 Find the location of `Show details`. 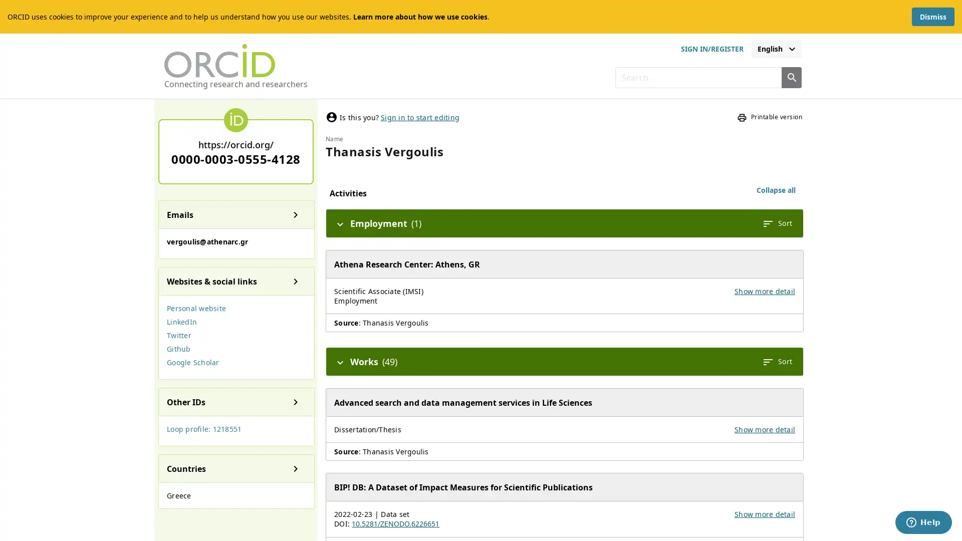

Show details is located at coordinates (295, 401).